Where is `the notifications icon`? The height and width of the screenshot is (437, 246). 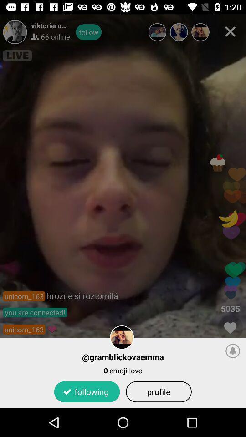 the notifications icon is located at coordinates (233, 376).